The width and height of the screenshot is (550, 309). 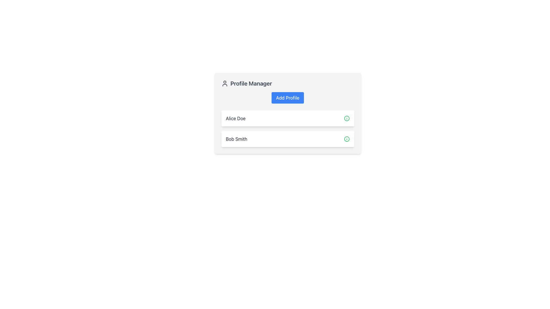 What do you see at coordinates (346, 118) in the screenshot?
I see `the circular green icon that serves as a visual status indicator associated with the 'Bob Smith' list entry in the card displayed on the webpage` at bounding box center [346, 118].